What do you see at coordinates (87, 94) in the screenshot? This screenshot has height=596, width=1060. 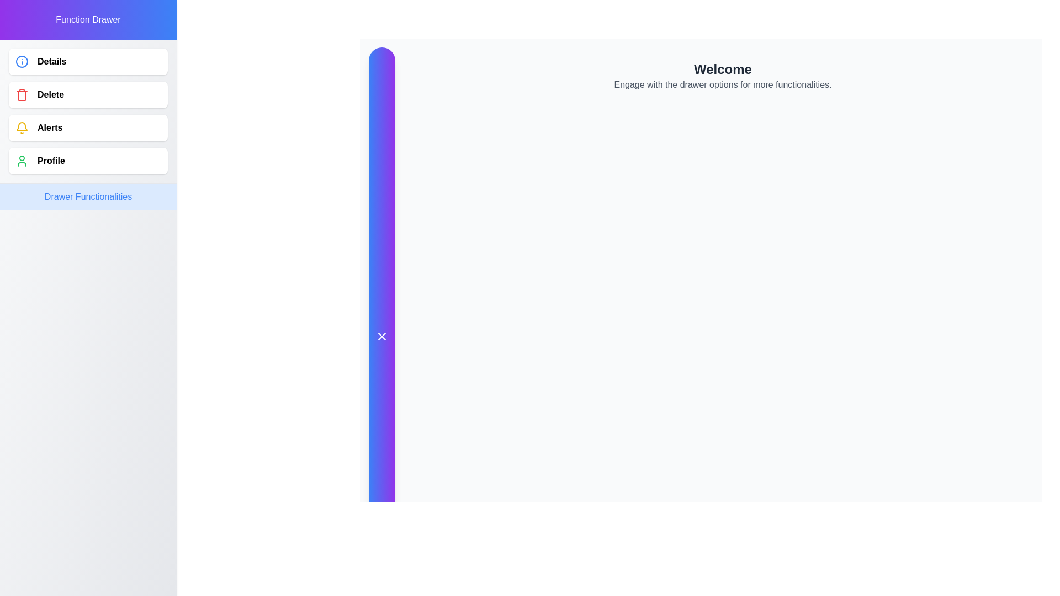 I see `the 'Delete' button, which has a white background, rounded corners, and features a red trash icon and bold black text` at bounding box center [87, 94].